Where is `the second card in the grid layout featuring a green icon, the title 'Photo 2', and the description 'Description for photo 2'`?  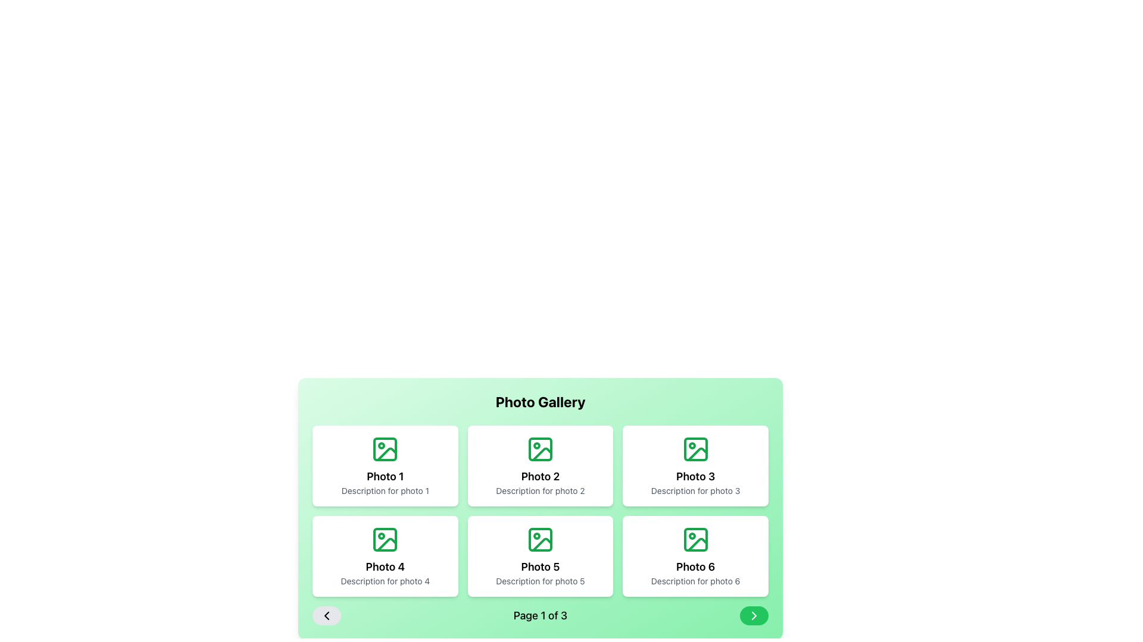
the second card in the grid layout featuring a green icon, the title 'Photo 2', and the description 'Description for photo 2' is located at coordinates (539, 465).